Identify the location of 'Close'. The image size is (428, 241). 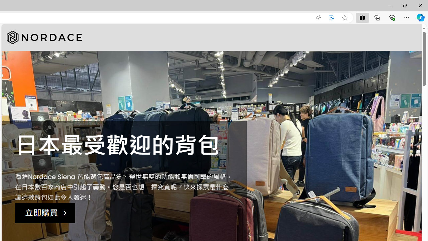
(420, 5).